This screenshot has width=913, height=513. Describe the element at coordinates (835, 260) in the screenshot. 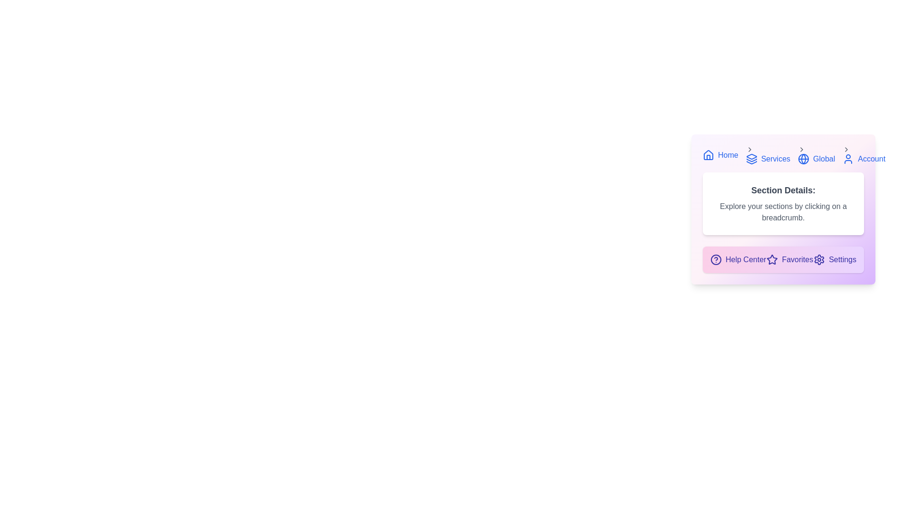

I see `the settings button located at the bottom-right of the card interface, positioned after 'Help Center' and 'Favorites', to observe the hover effect` at that location.